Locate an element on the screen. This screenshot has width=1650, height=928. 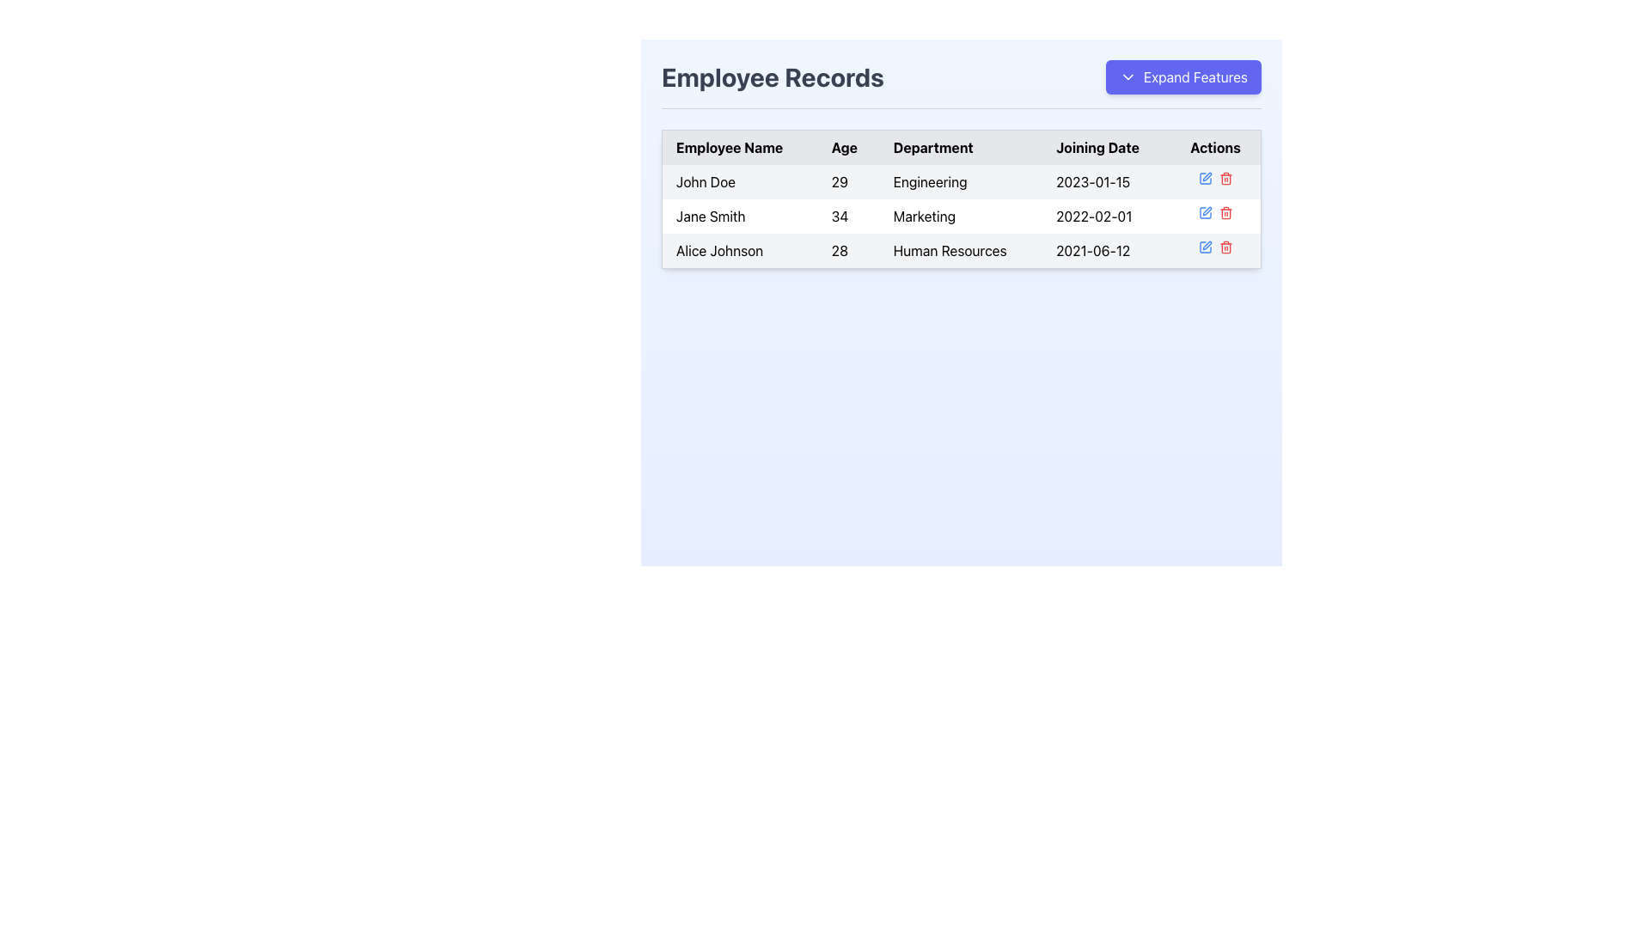
the trash can icon located in the 'Actions' column of the third row in the visible table is located at coordinates (1225, 248).